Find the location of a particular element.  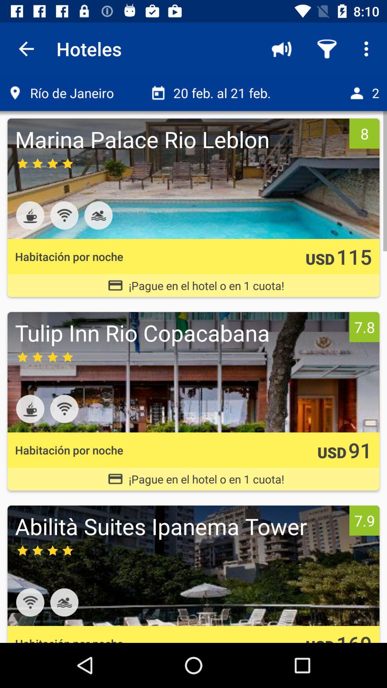

the app to the left of hoteles is located at coordinates (26, 48).